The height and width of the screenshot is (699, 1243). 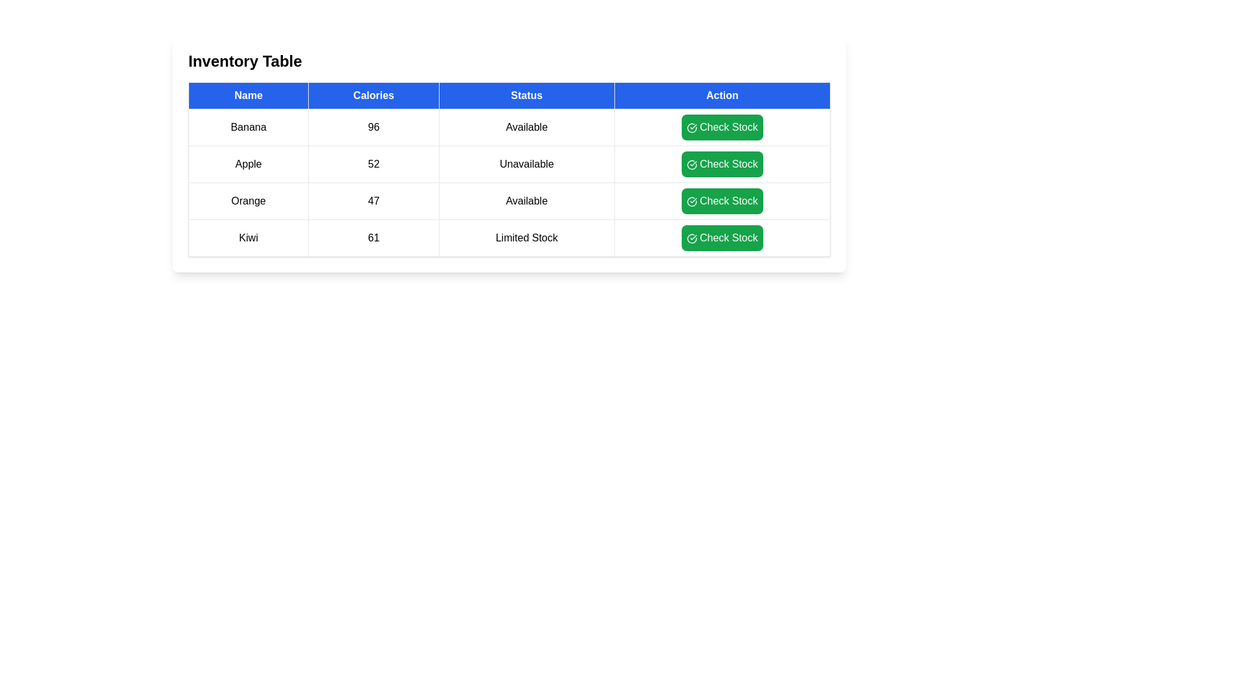 What do you see at coordinates (249, 127) in the screenshot?
I see `the row corresponding to Banana by clicking on it` at bounding box center [249, 127].